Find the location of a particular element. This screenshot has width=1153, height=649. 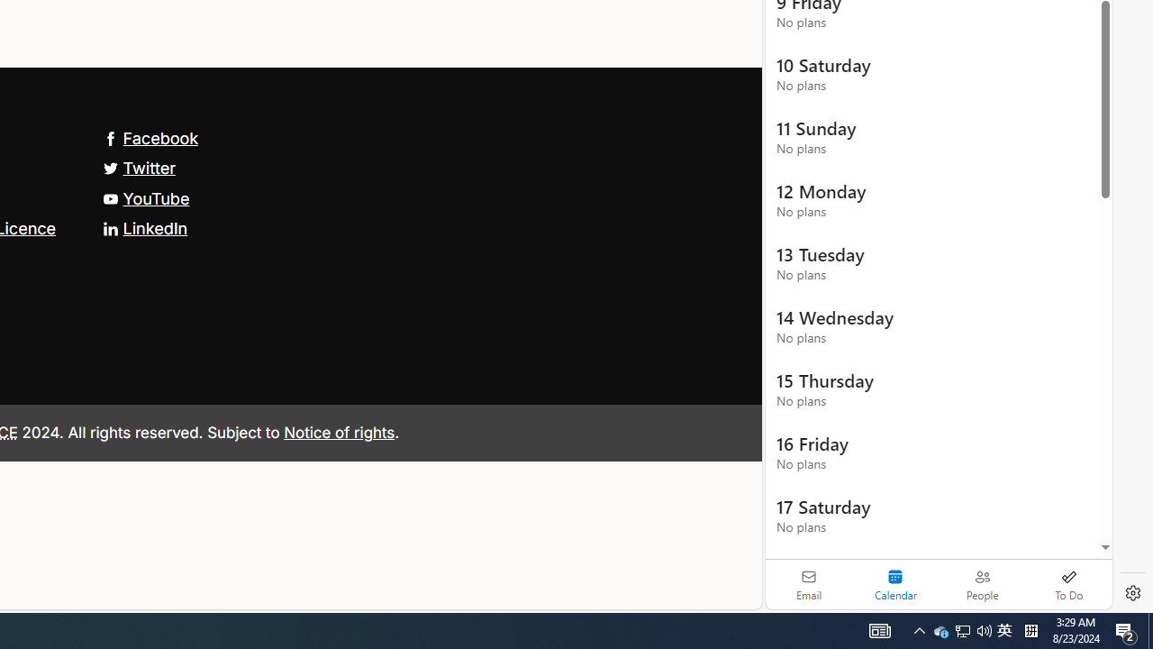

'YouTube' is located at coordinates (146, 197).